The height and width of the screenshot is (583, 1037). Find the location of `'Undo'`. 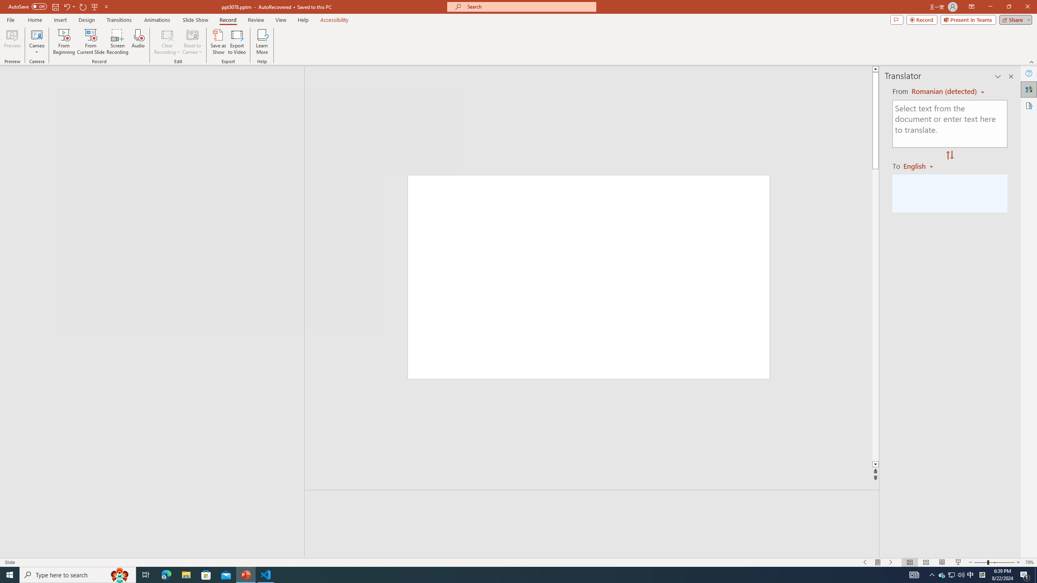

'Undo' is located at coordinates (69, 6).